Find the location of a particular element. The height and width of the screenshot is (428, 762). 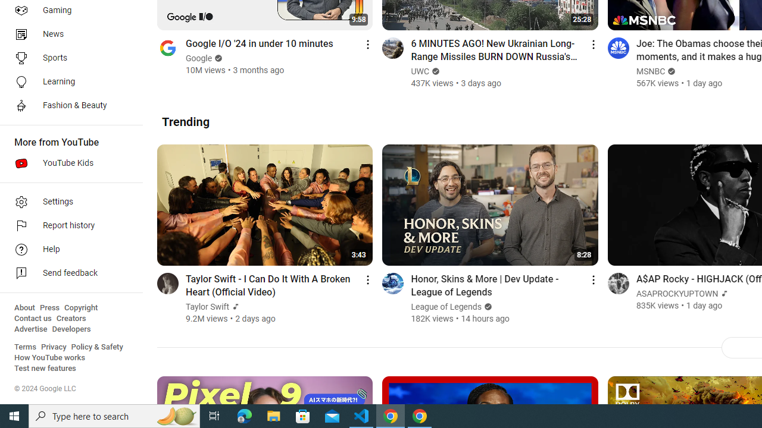

'Send feedback' is located at coordinates (67, 273).